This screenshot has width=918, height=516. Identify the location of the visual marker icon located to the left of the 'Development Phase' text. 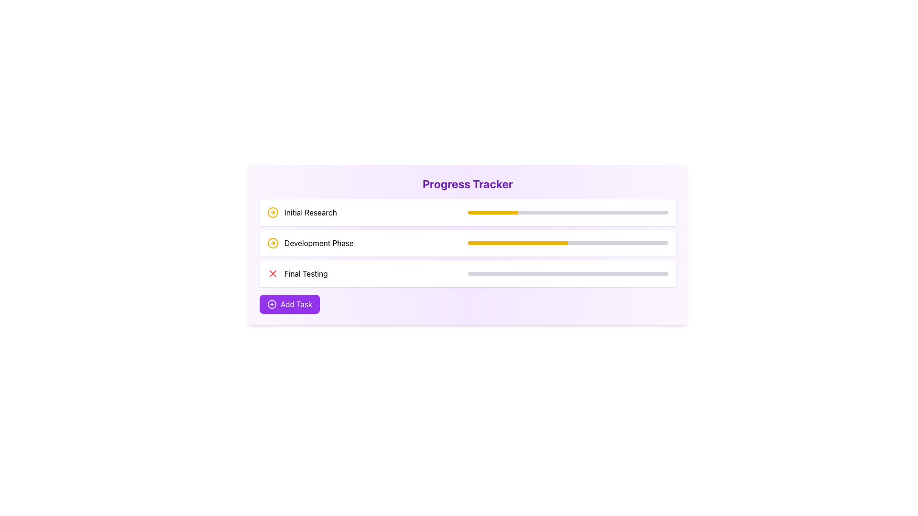
(273, 243).